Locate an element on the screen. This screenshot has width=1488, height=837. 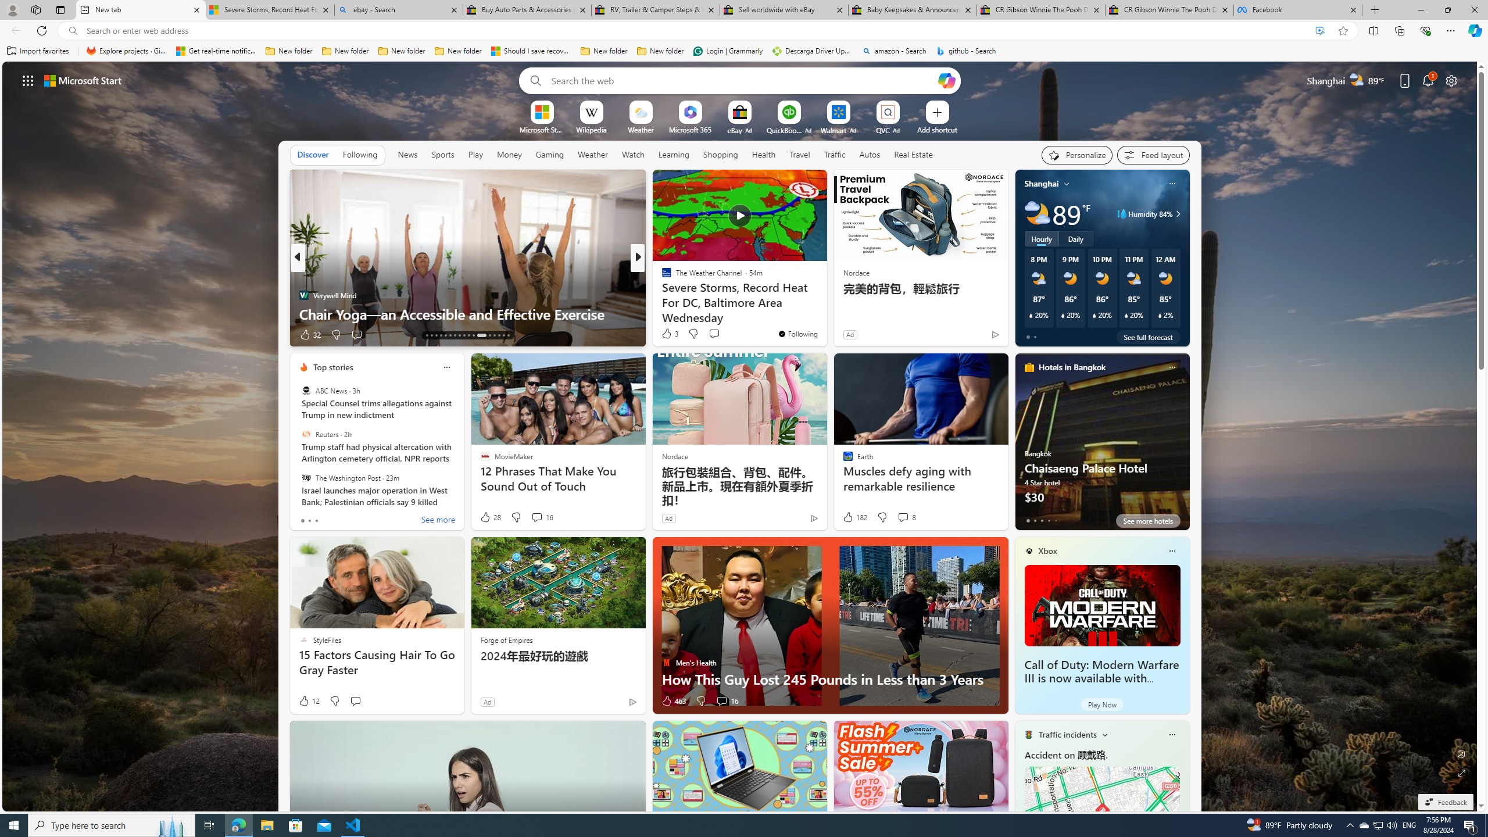
'Daily' is located at coordinates (1075, 238).